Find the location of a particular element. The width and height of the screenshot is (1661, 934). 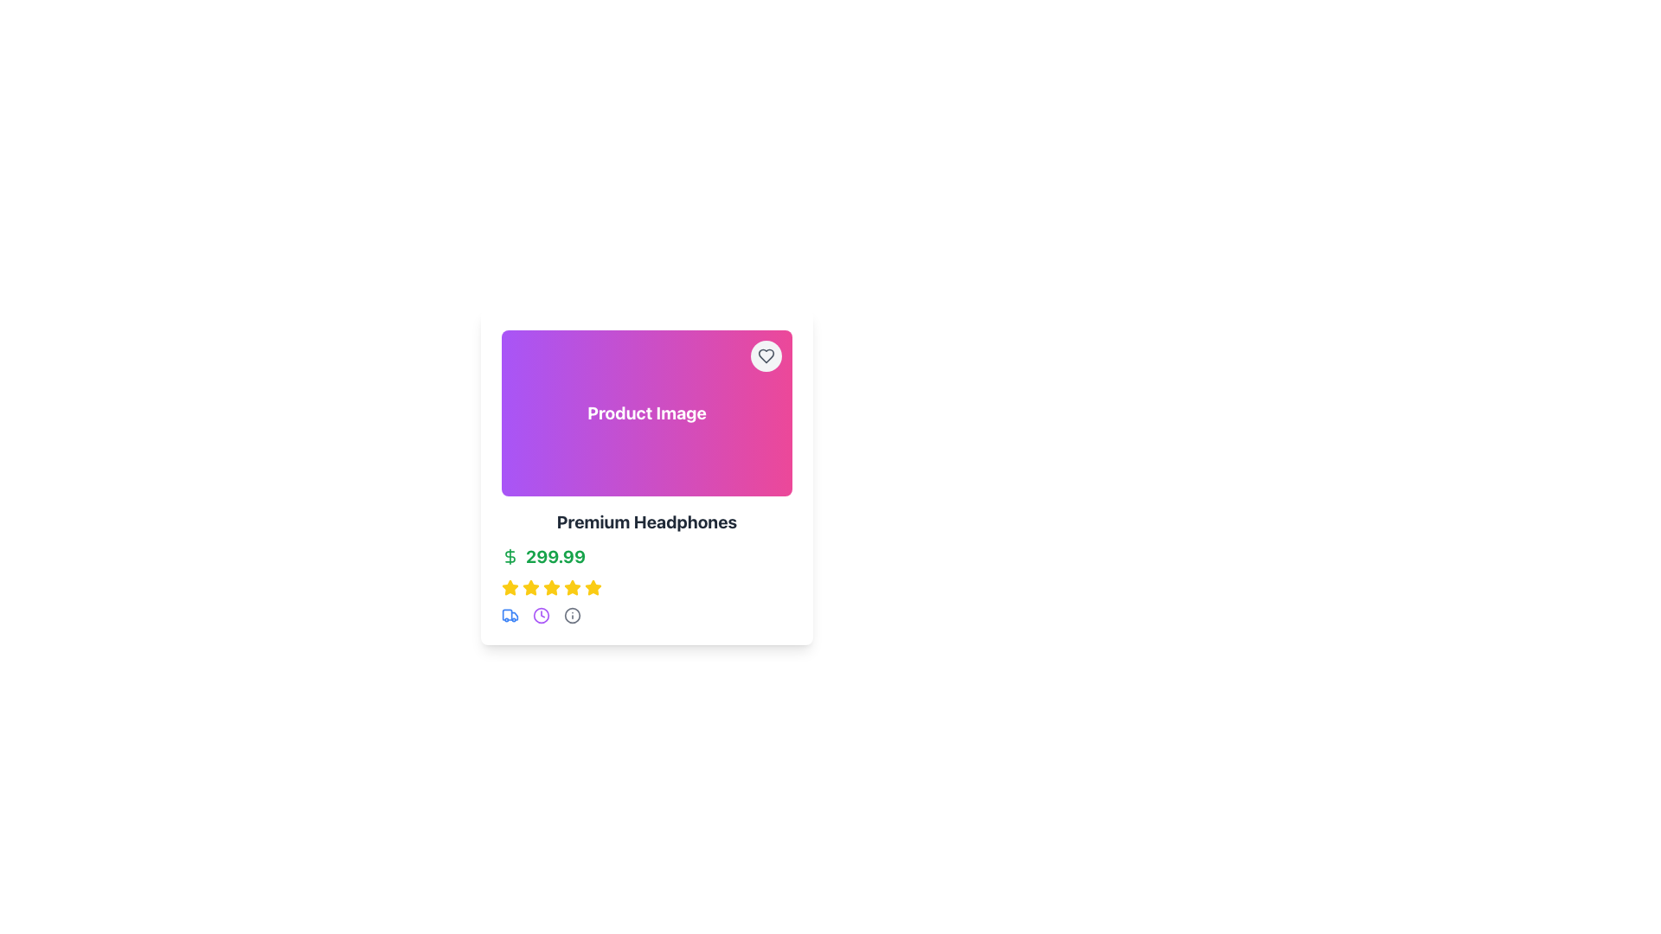

the rightmost interactive icon with an information tooltip about the product's warranty is located at coordinates (573, 615).